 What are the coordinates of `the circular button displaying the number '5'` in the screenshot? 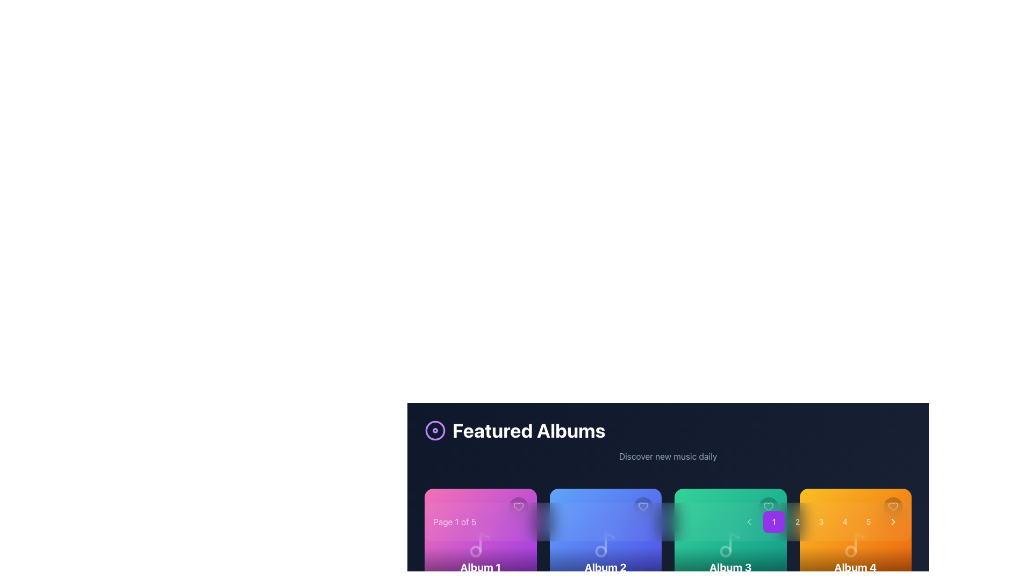 It's located at (869, 521).